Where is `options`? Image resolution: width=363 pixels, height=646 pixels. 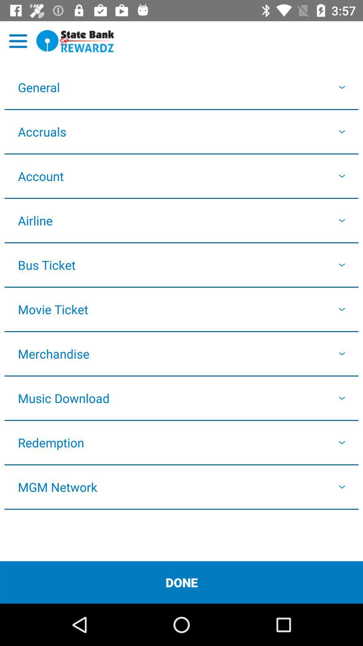 options is located at coordinates (18, 41).